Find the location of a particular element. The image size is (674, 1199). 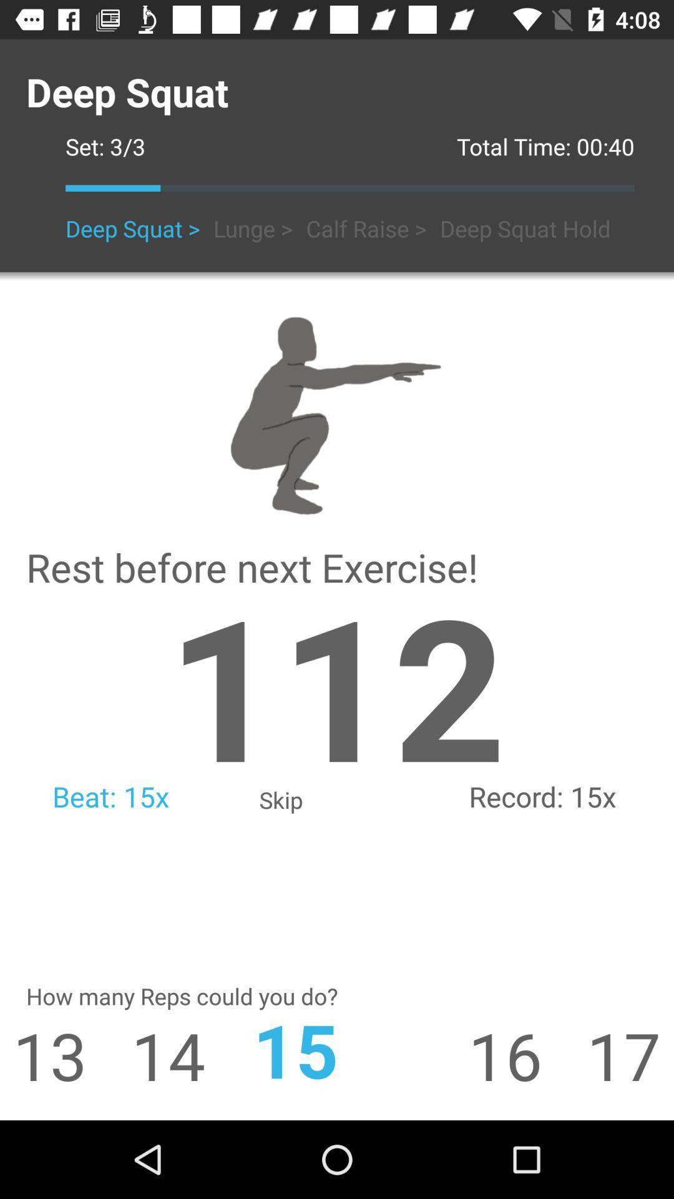

the first image on the web page is located at coordinates (337, 413).